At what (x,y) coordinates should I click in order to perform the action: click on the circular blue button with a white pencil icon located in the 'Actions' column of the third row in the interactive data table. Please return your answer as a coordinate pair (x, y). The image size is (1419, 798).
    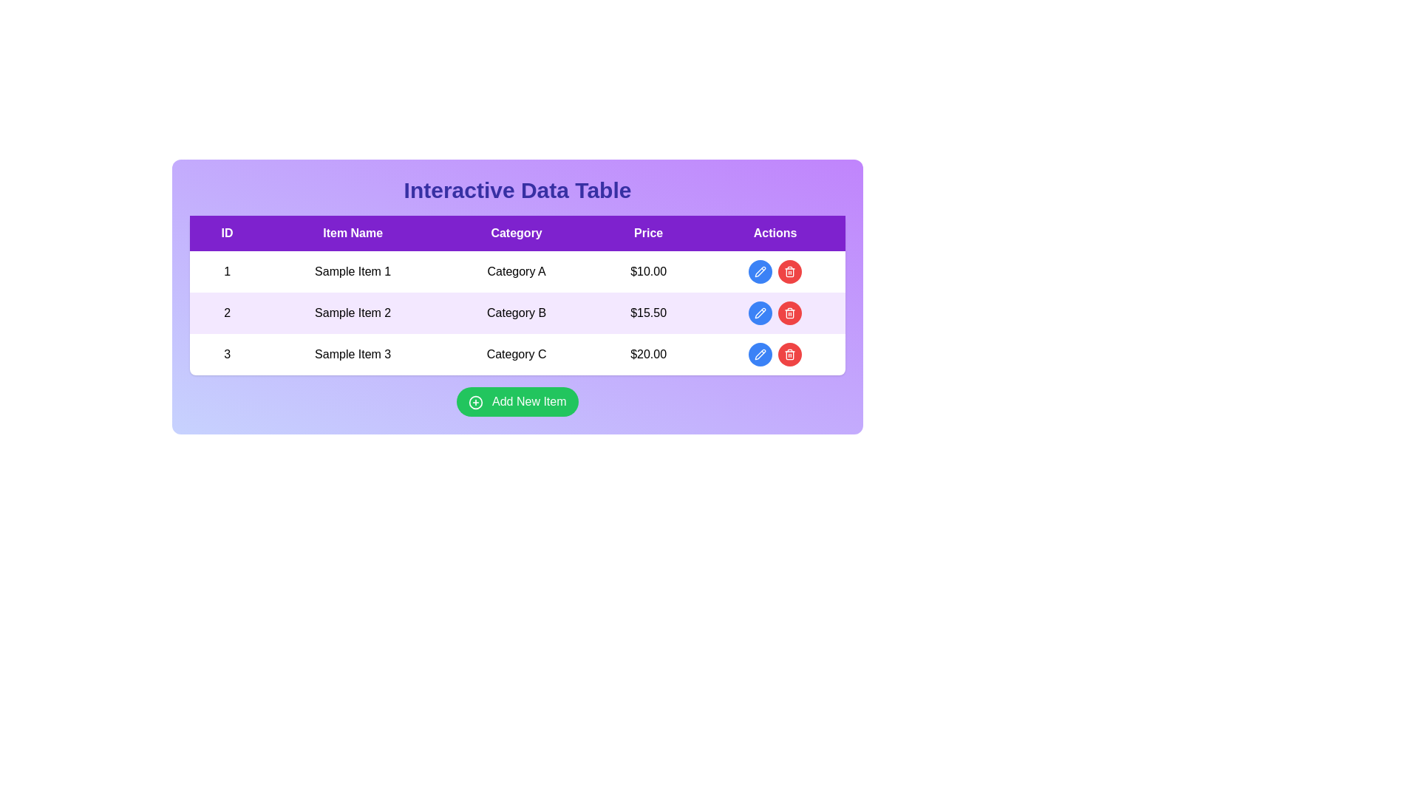
    Looking at the image, I should click on (760, 354).